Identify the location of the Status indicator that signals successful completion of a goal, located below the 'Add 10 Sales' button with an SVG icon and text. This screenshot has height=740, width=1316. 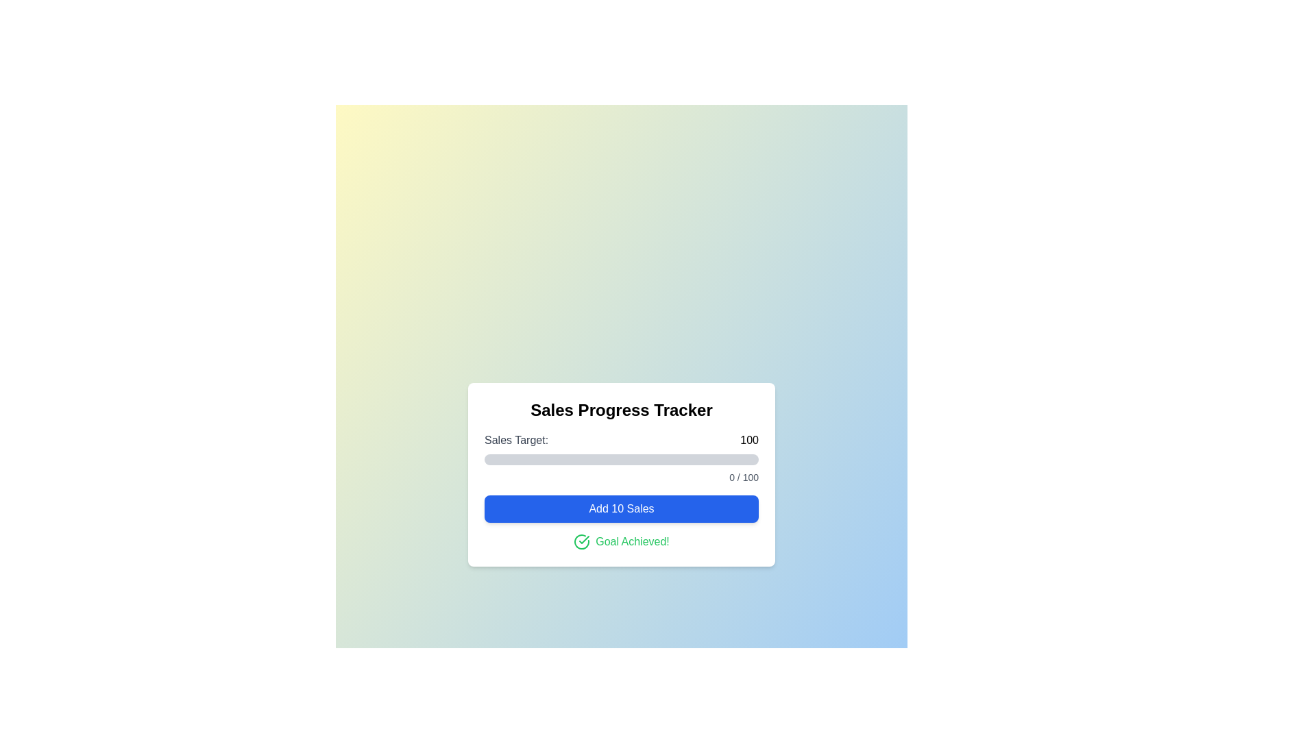
(621, 541).